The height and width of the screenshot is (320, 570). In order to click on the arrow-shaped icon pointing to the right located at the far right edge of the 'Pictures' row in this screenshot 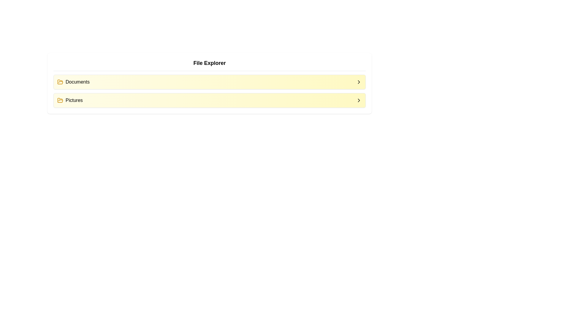, I will do `click(359, 100)`.